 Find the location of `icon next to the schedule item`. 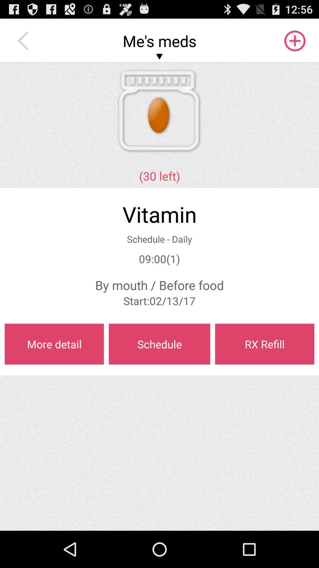

icon next to the schedule item is located at coordinates (54, 344).